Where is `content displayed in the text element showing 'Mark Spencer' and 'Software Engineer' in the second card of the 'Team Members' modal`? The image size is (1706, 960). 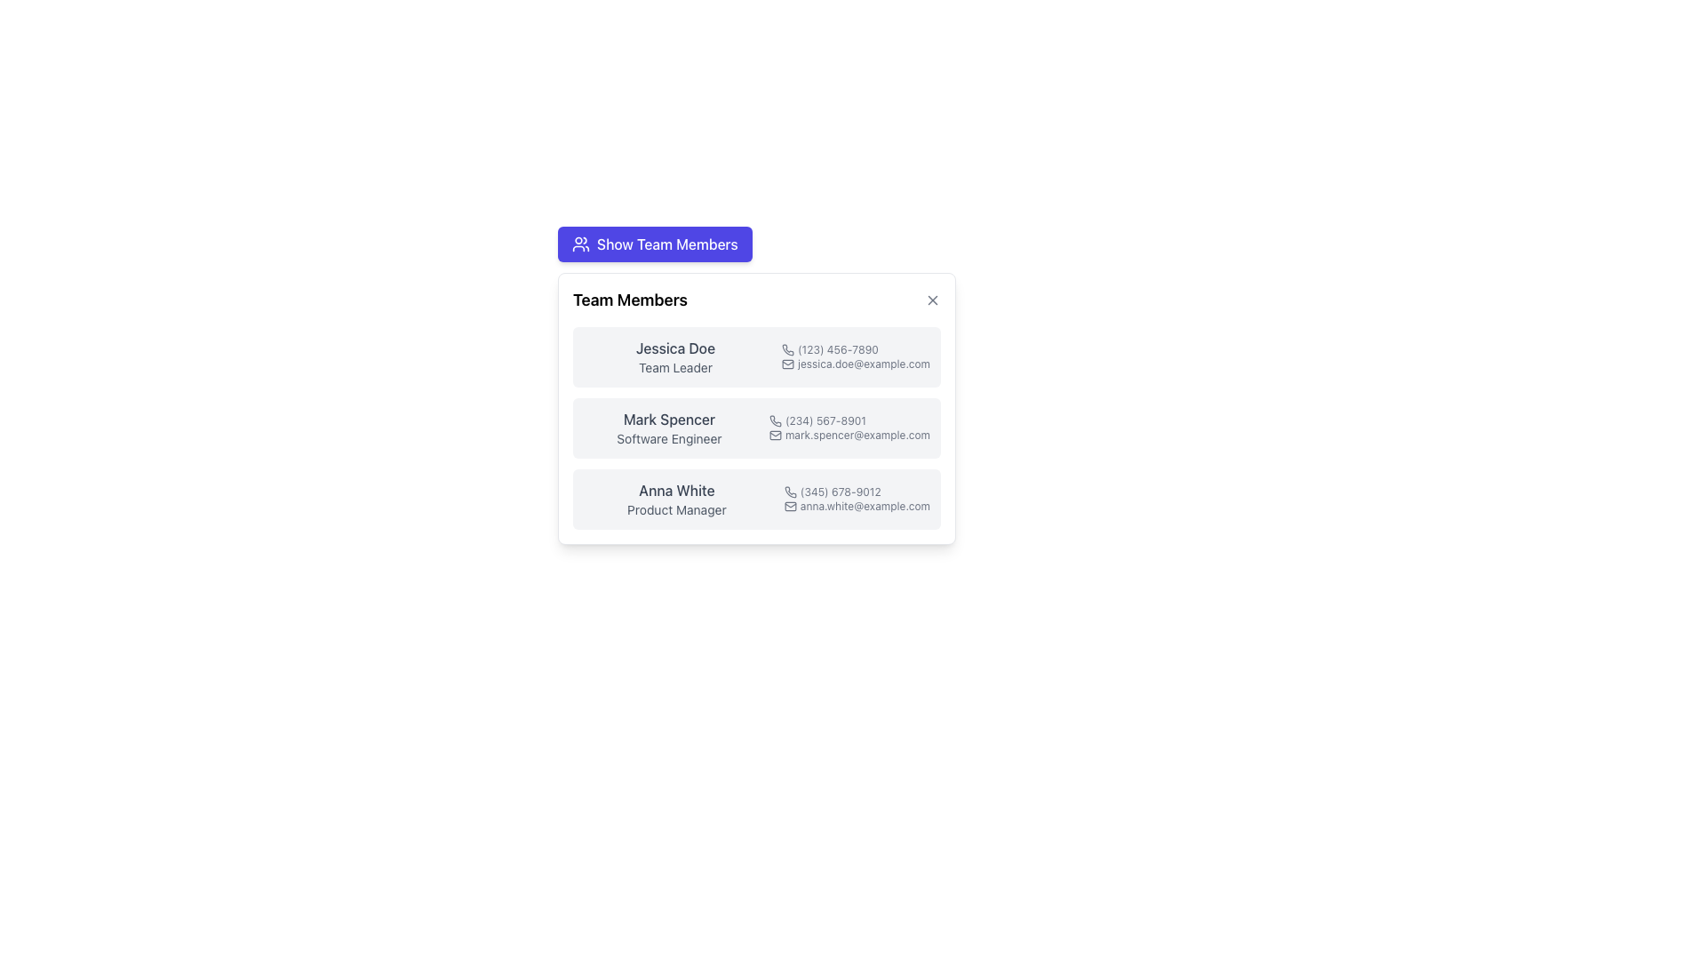 content displayed in the text element showing 'Mark Spencer' and 'Software Engineer' in the second card of the 'Team Members' modal is located at coordinates (668, 428).